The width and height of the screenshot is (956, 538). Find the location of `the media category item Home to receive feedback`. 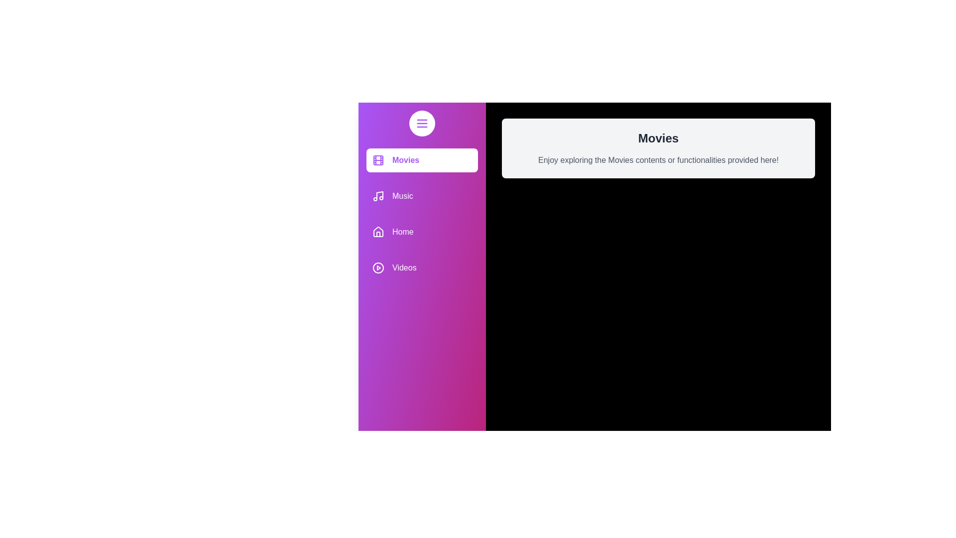

the media category item Home to receive feedback is located at coordinates (422, 232).